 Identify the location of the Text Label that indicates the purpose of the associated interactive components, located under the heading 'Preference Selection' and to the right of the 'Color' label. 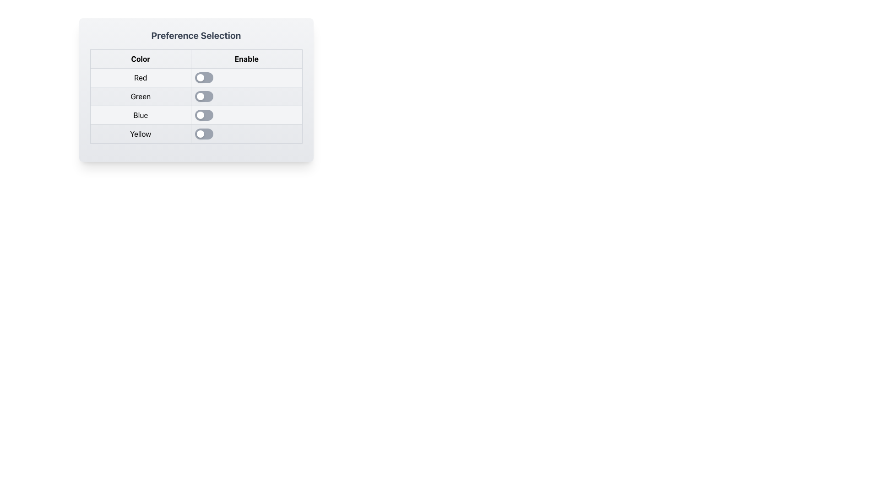
(246, 59).